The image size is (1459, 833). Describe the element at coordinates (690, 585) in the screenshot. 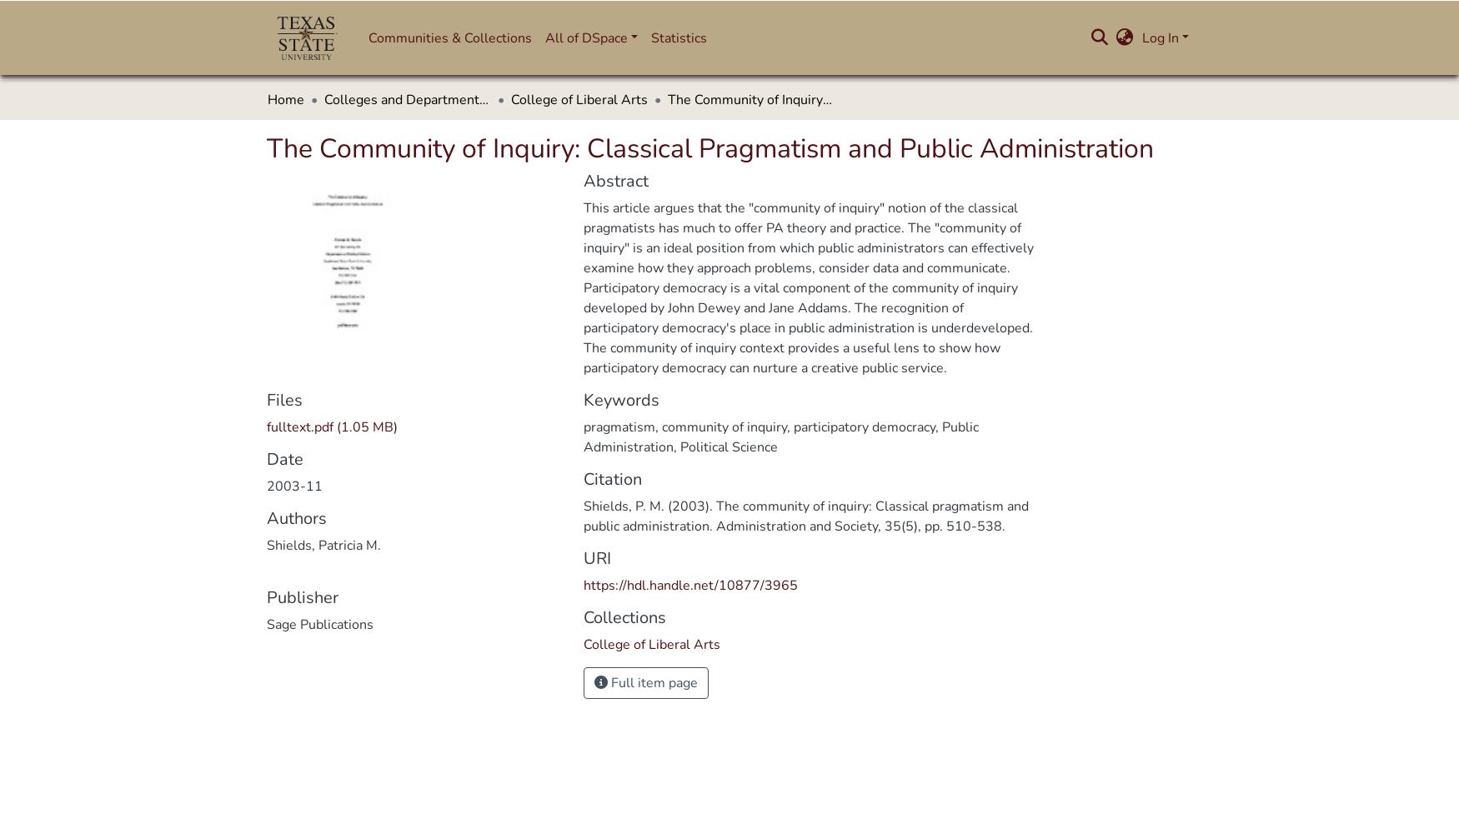

I see `'https://hdl.handle.net/10877/3965'` at that location.